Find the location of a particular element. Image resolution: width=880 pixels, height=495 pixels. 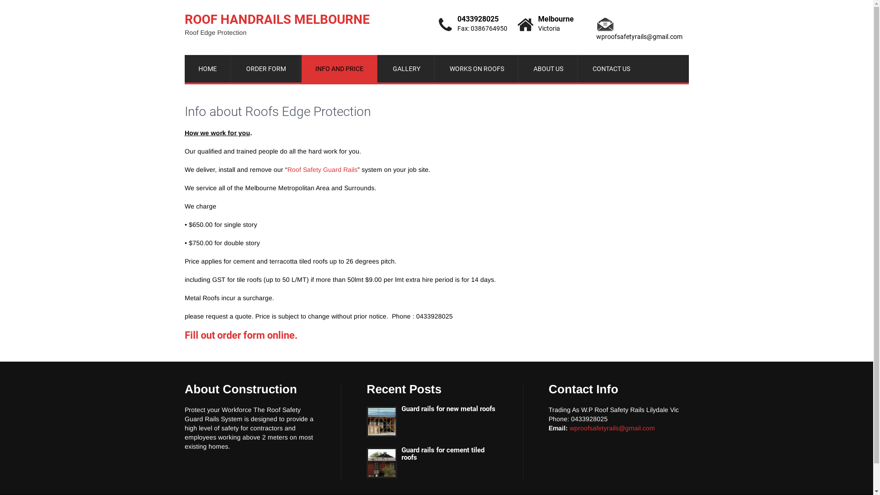

'CONTACT US' is located at coordinates (611, 68).